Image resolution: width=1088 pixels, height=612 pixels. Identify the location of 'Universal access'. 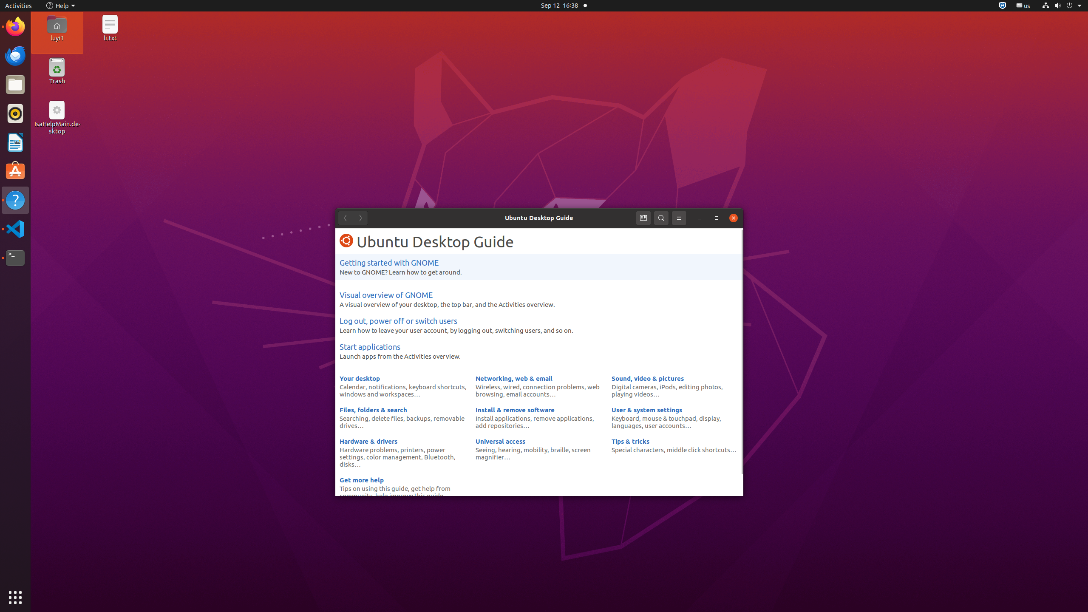
(500, 441).